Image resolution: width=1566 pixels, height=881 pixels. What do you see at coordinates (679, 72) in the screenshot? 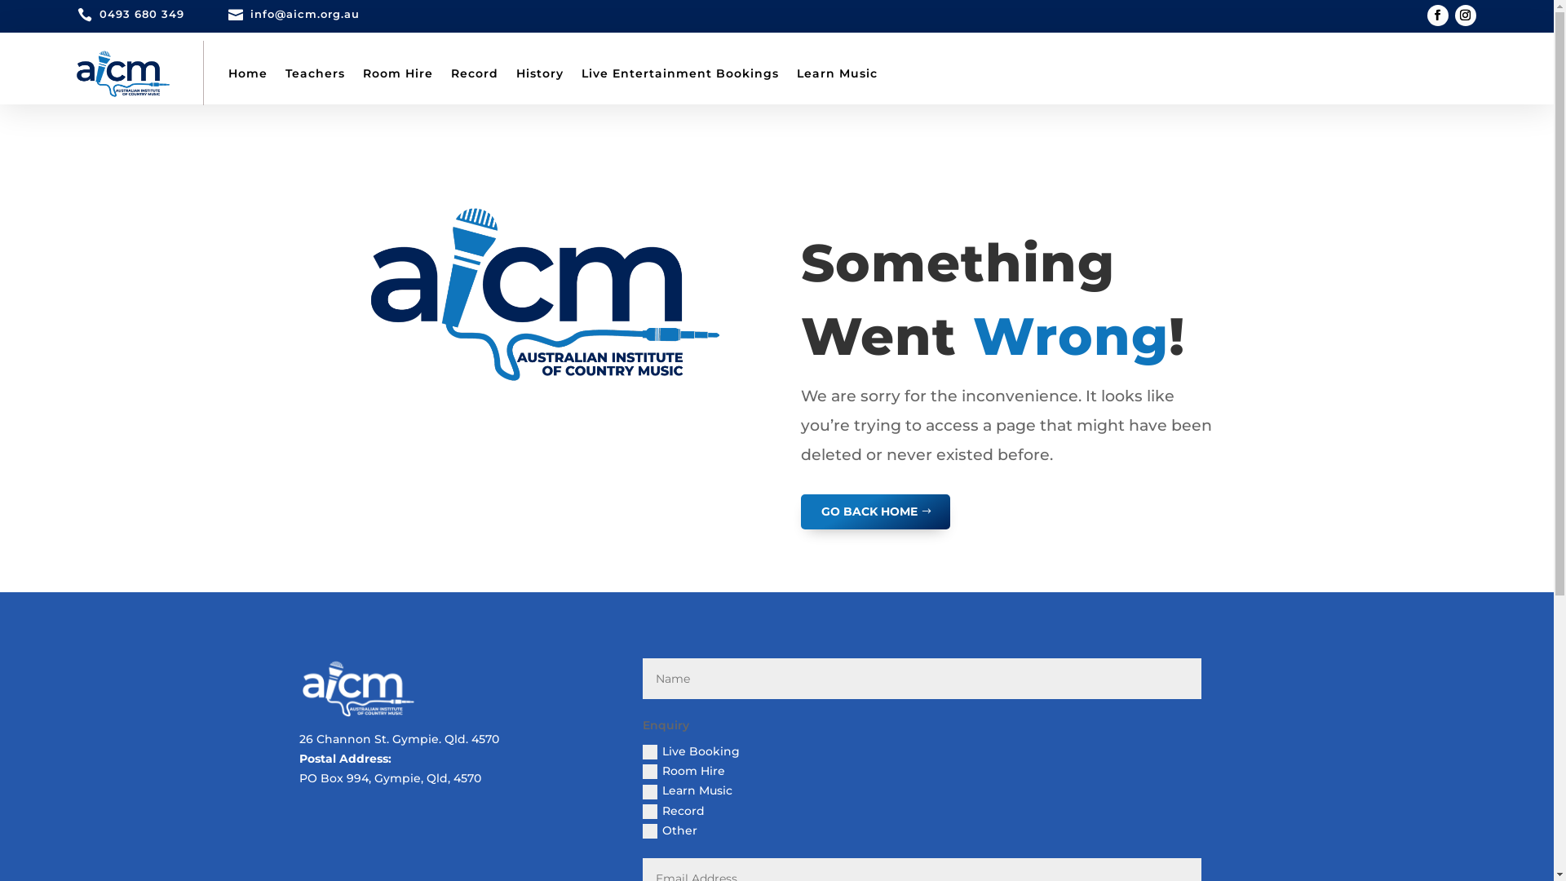
I see `'Live Entertainment Bookings'` at bounding box center [679, 72].